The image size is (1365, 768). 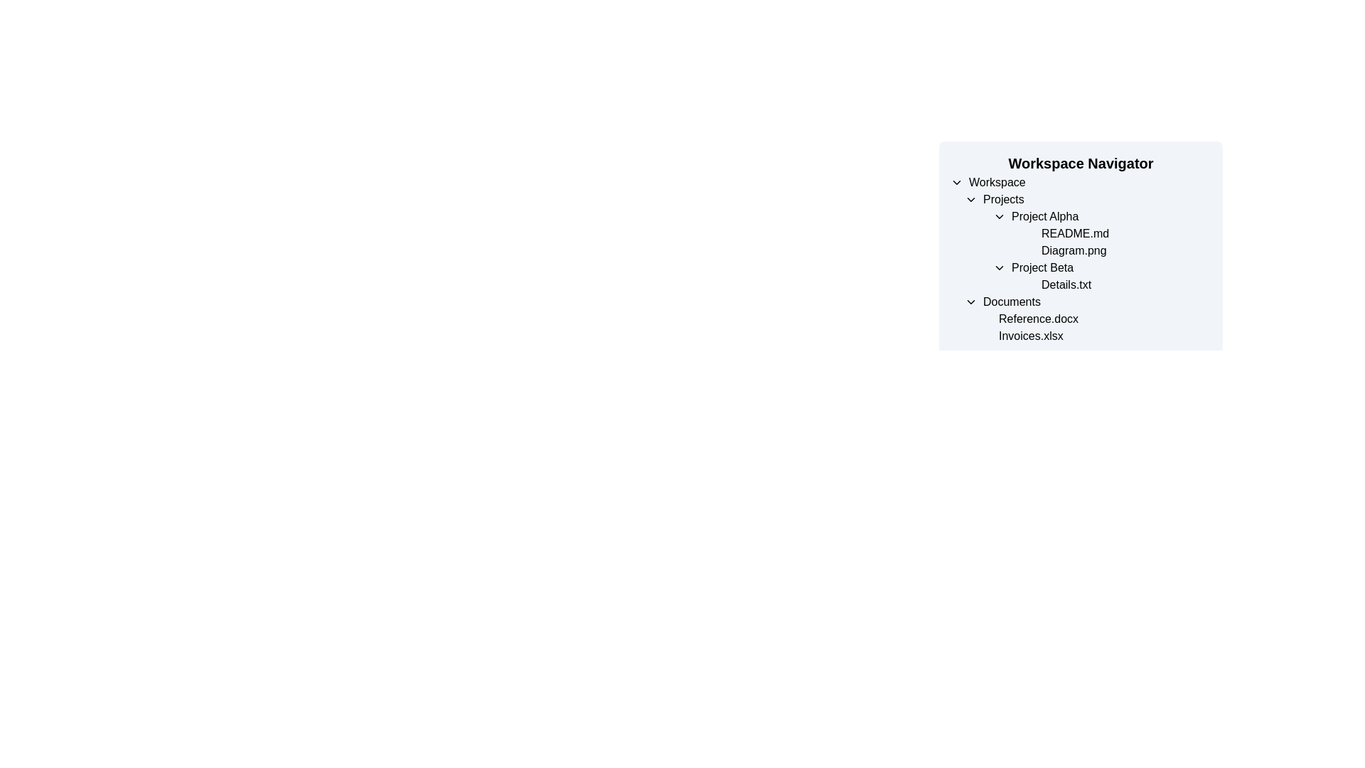 I want to click on the chevron-down icon, so click(x=970, y=301).